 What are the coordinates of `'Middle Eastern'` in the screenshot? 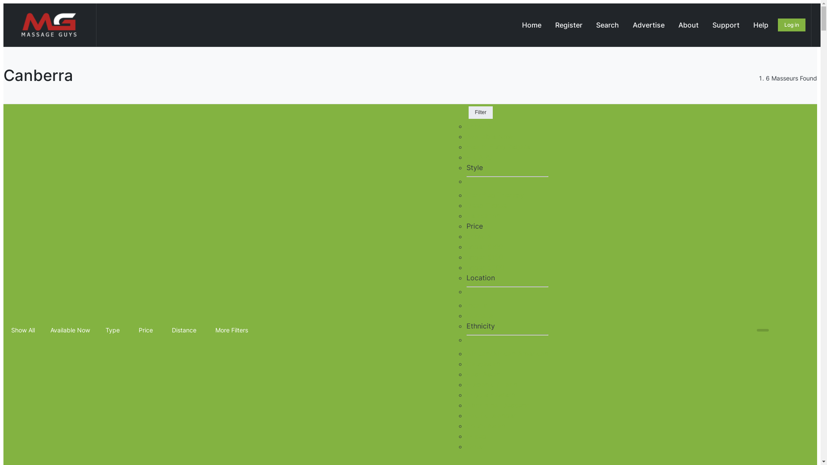 It's located at (490, 395).